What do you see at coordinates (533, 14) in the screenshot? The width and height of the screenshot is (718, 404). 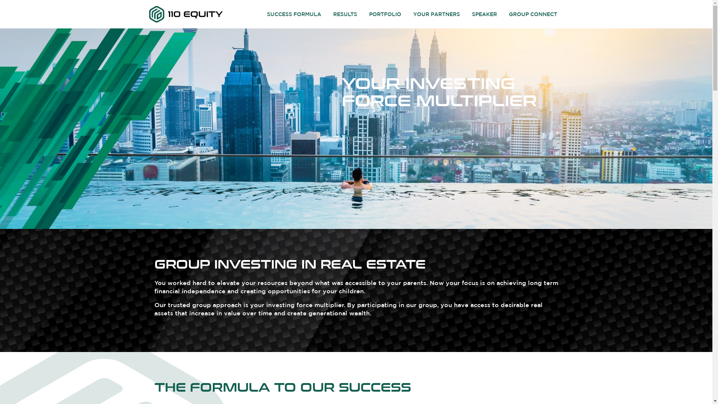 I see `'GROUP CONNECT'` at bounding box center [533, 14].